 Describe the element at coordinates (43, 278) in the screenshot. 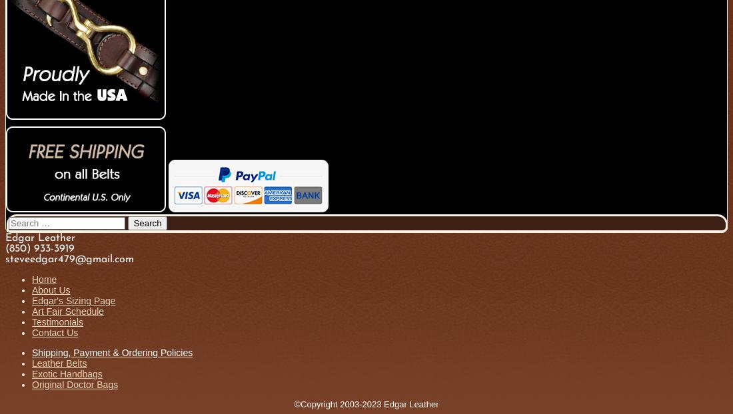

I see `'Home'` at that location.